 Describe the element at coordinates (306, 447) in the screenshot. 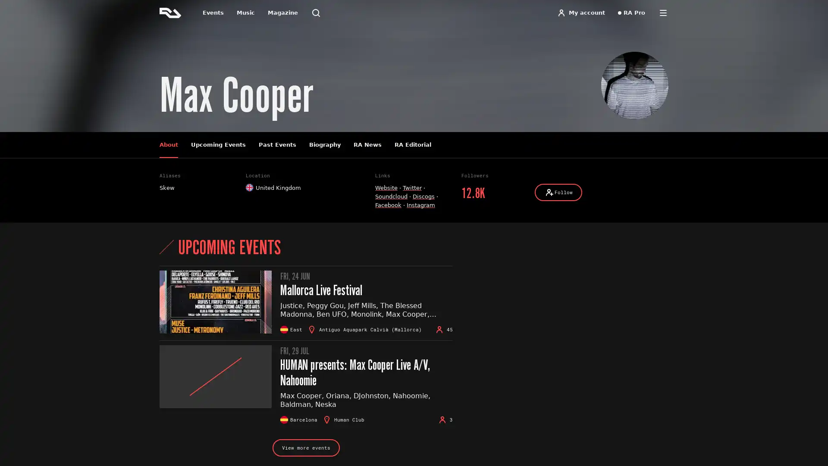

I see `View more events` at that location.